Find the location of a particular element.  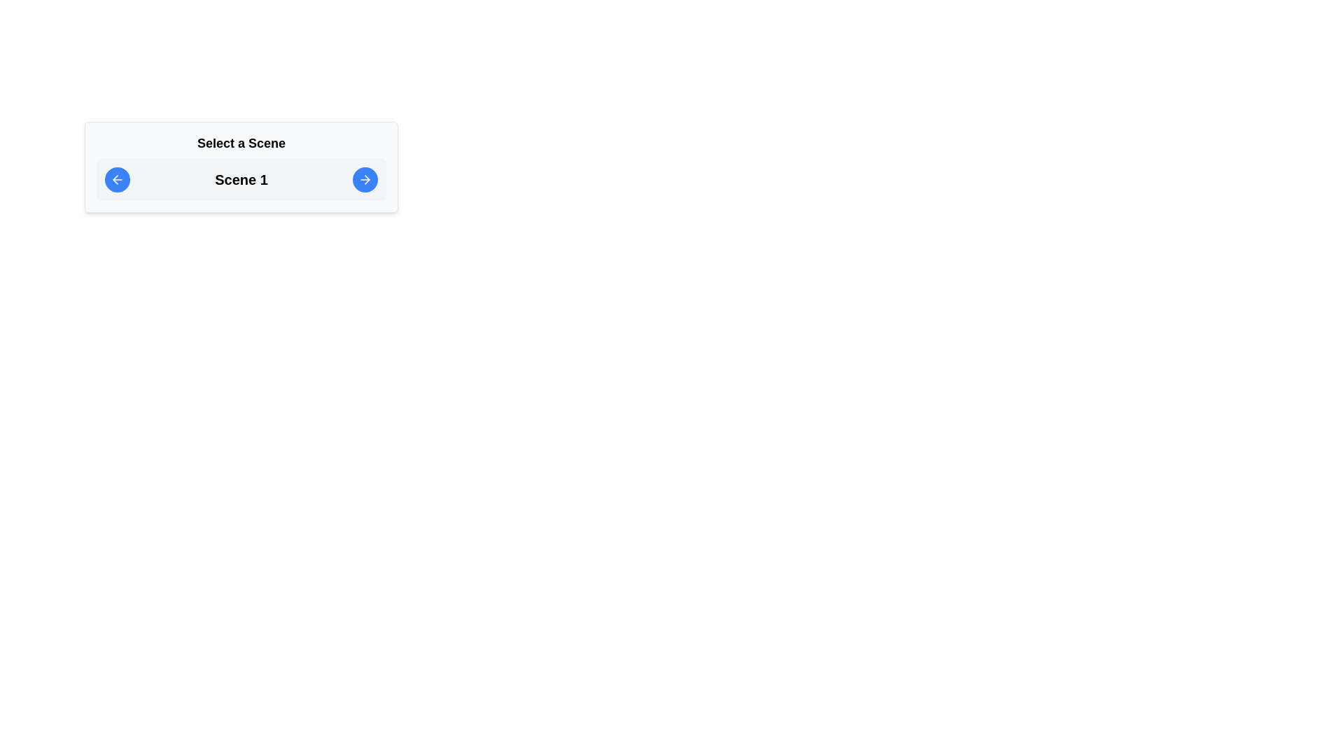

the text label that serves as a title or heading, positioned above the 'Scene 1' text and navigation buttons is located at coordinates (241, 143).